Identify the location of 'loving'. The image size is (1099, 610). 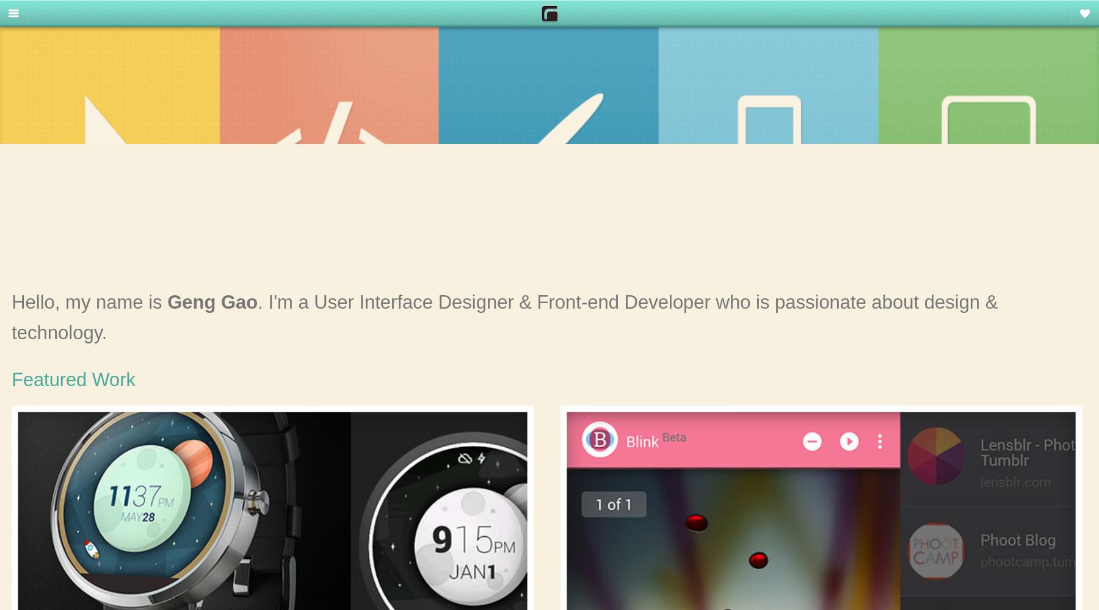
(1059, 19).